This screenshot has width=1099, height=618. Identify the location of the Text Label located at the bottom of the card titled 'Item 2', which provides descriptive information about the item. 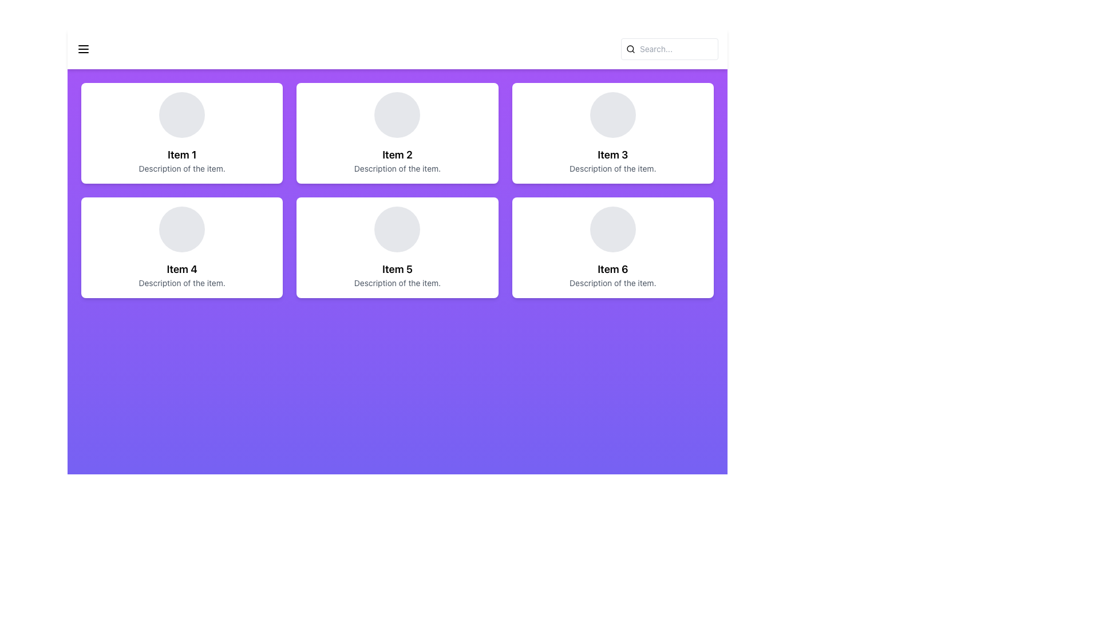
(397, 168).